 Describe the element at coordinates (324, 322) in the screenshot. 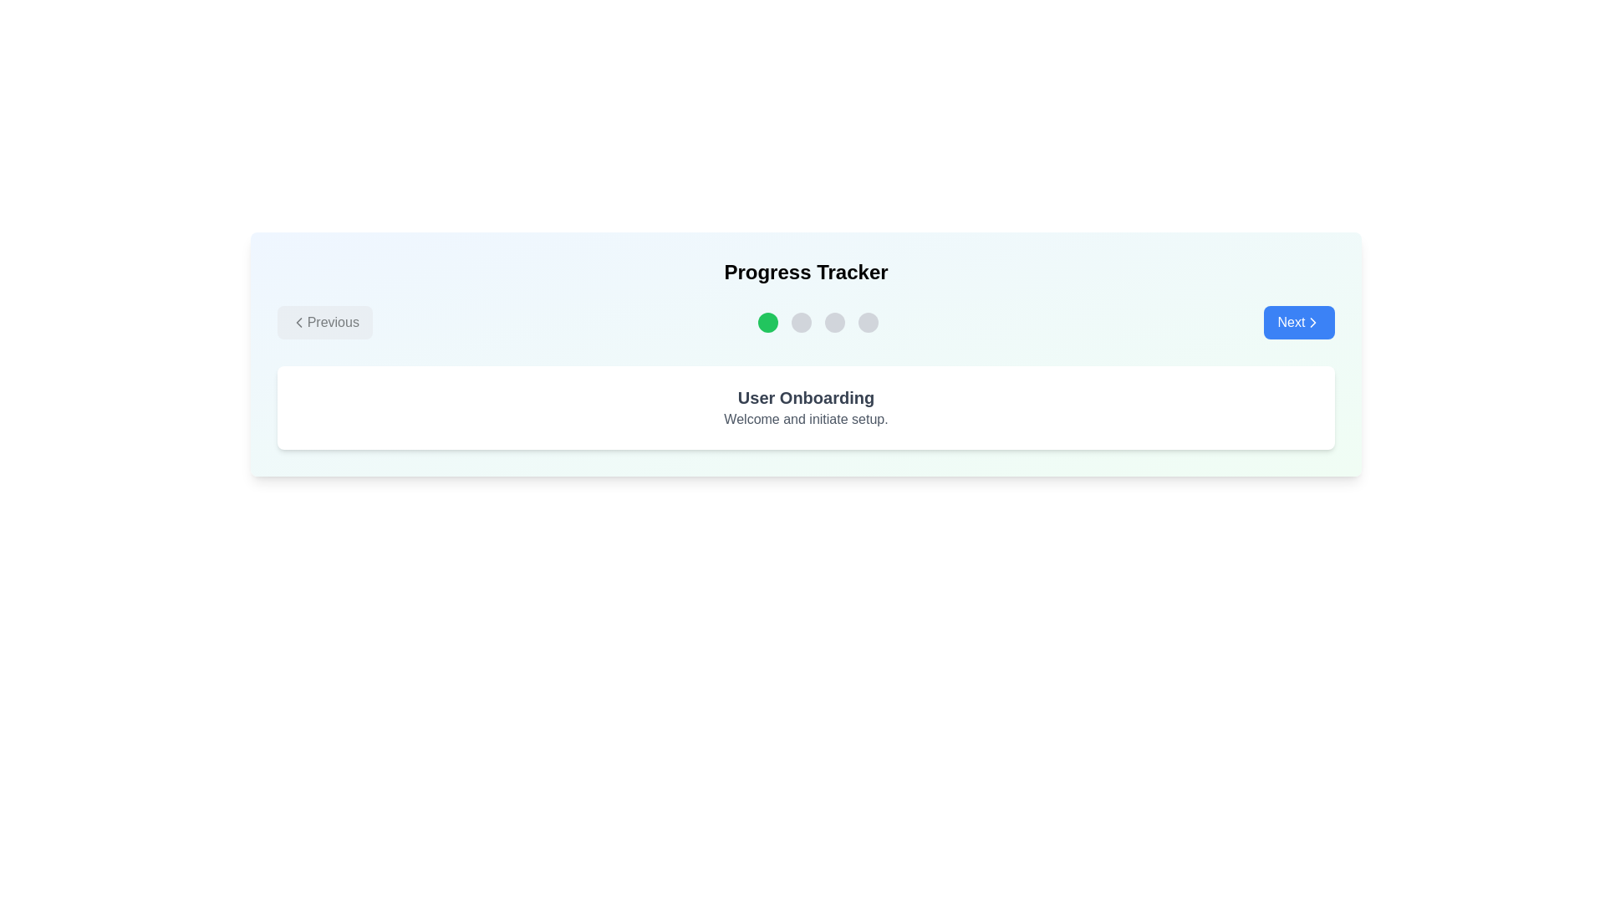

I see `the 'Previous' button to navigate to the previous step` at that location.